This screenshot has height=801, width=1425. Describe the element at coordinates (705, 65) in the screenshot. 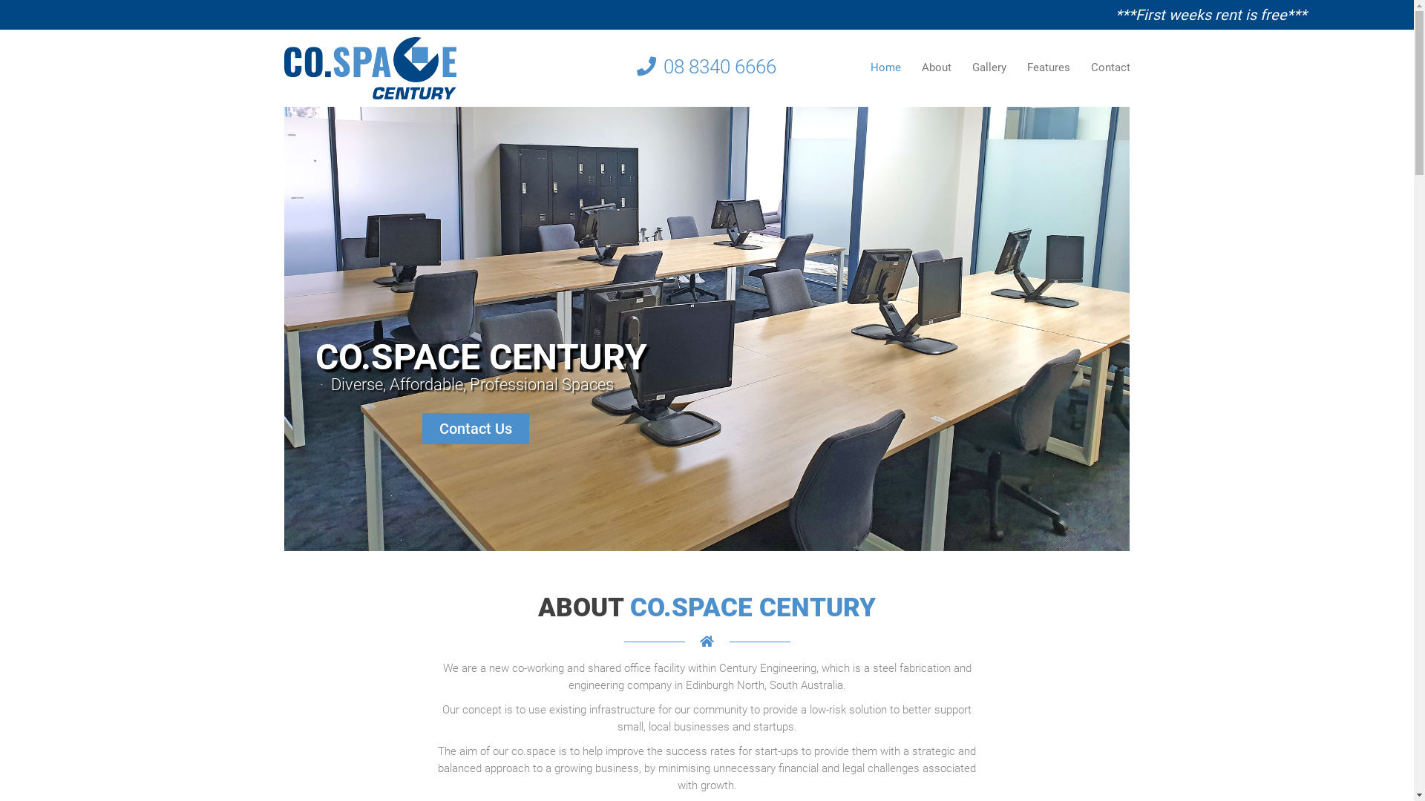

I see `'08 8340 6666'` at that location.